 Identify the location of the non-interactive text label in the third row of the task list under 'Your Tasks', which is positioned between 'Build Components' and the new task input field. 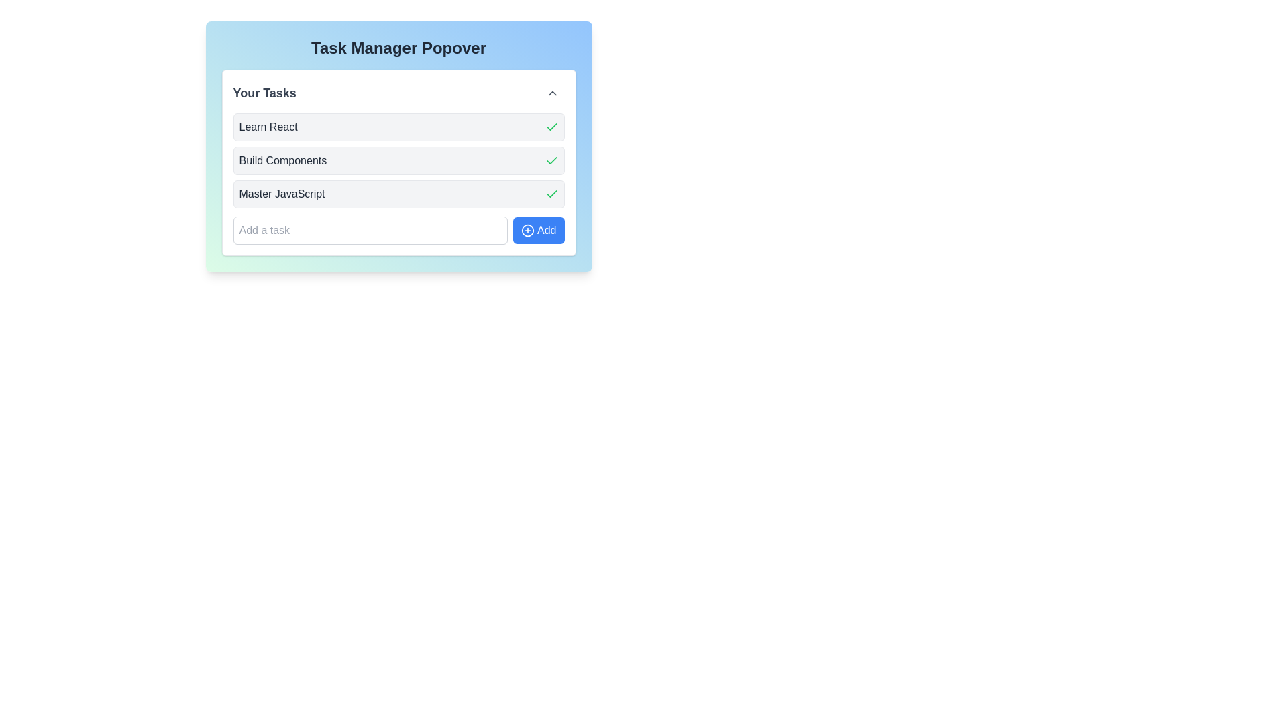
(281, 194).